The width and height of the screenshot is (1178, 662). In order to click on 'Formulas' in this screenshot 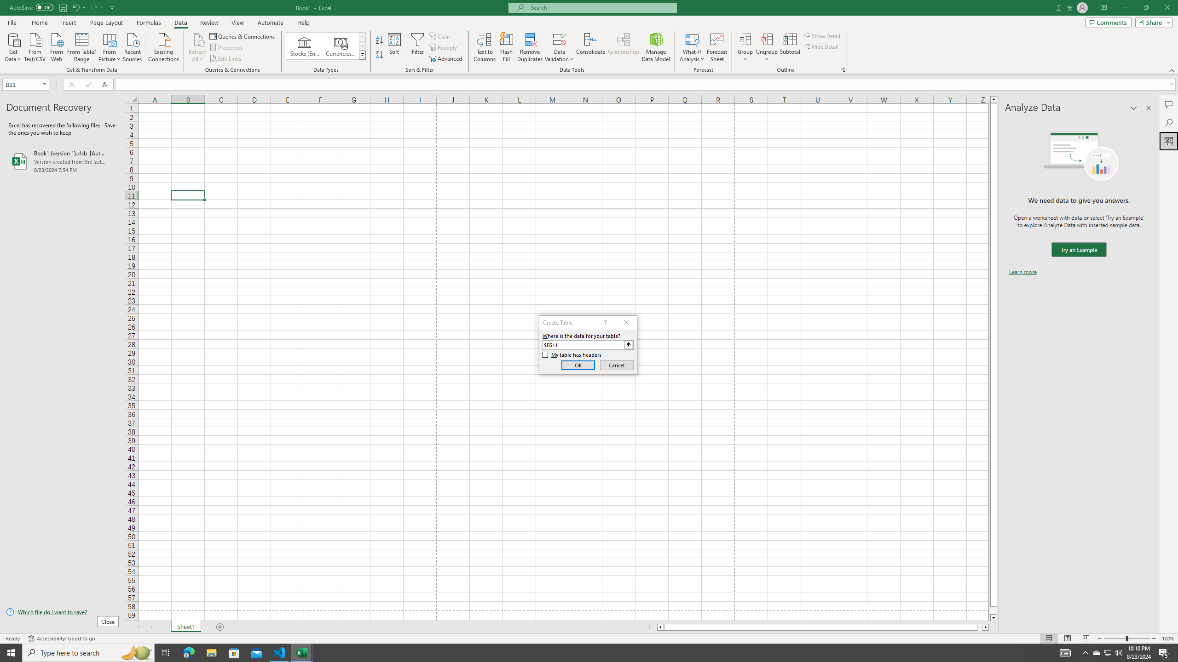, I will do `click(150, 23)`.